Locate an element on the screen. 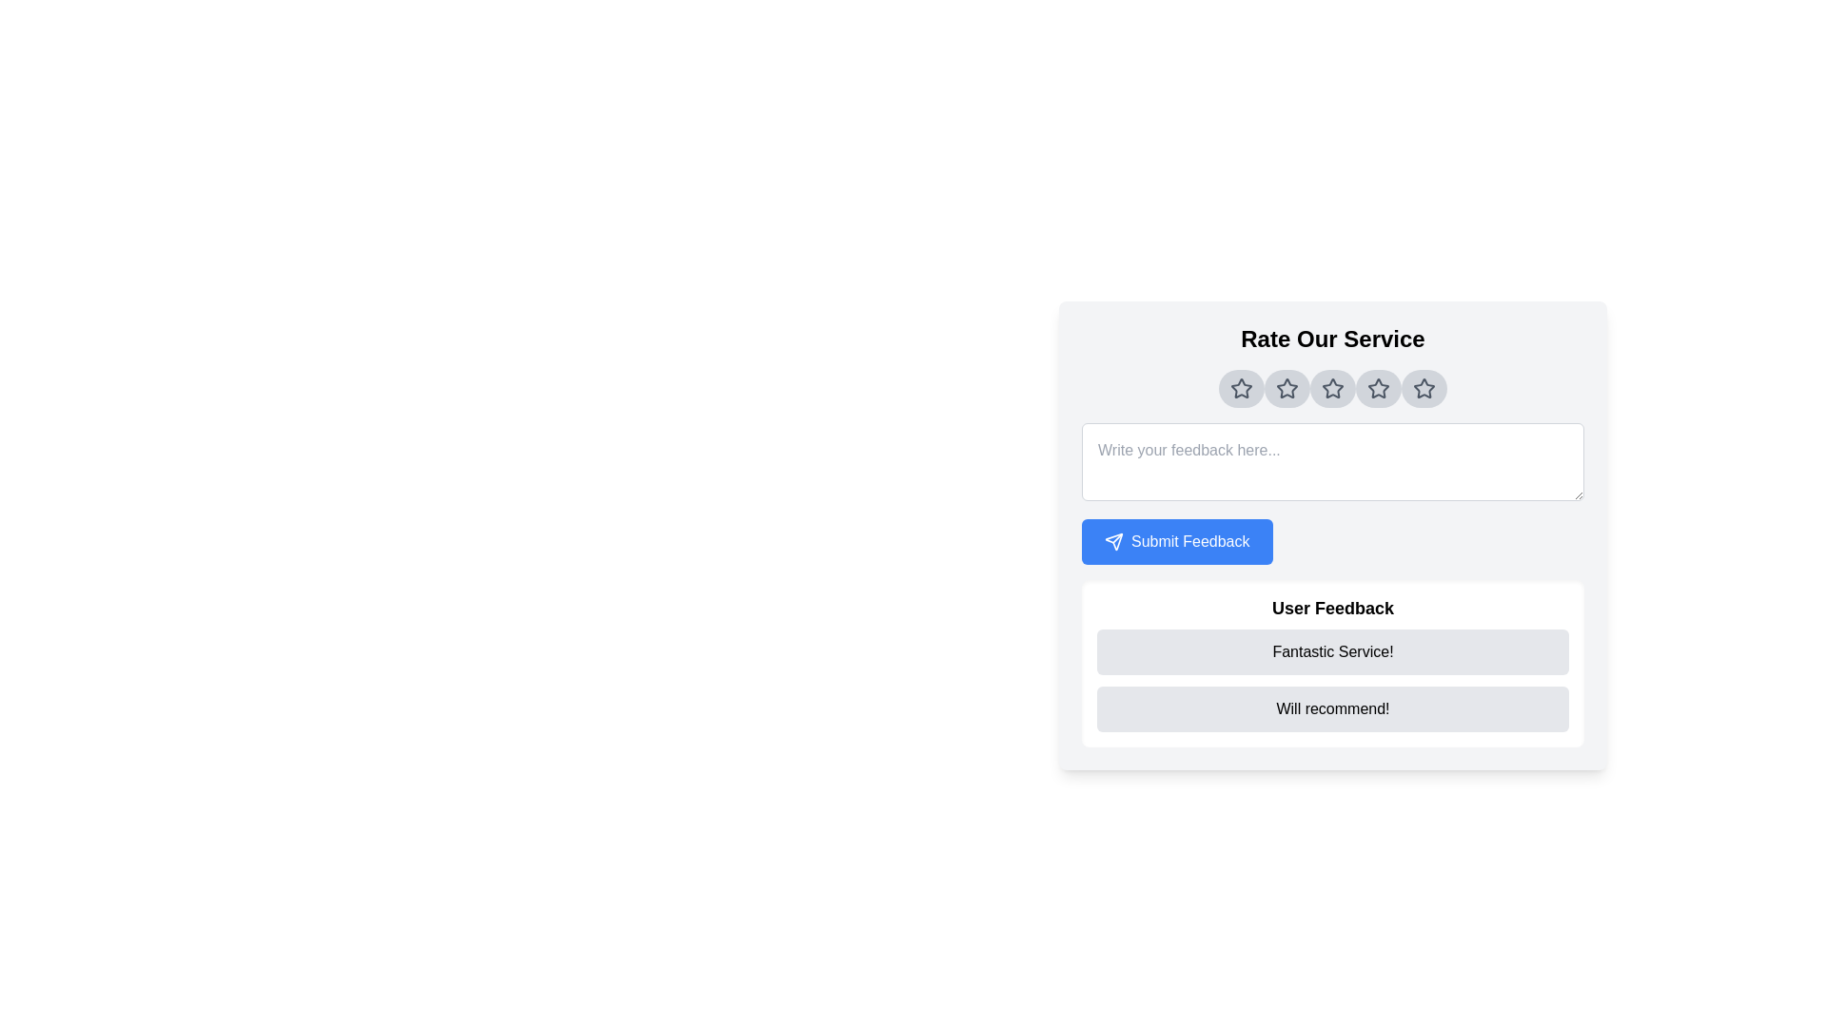 This screenshot has width=1827, height=1027. the third star button in the rating sequence is located at coordinates (1332, 387).